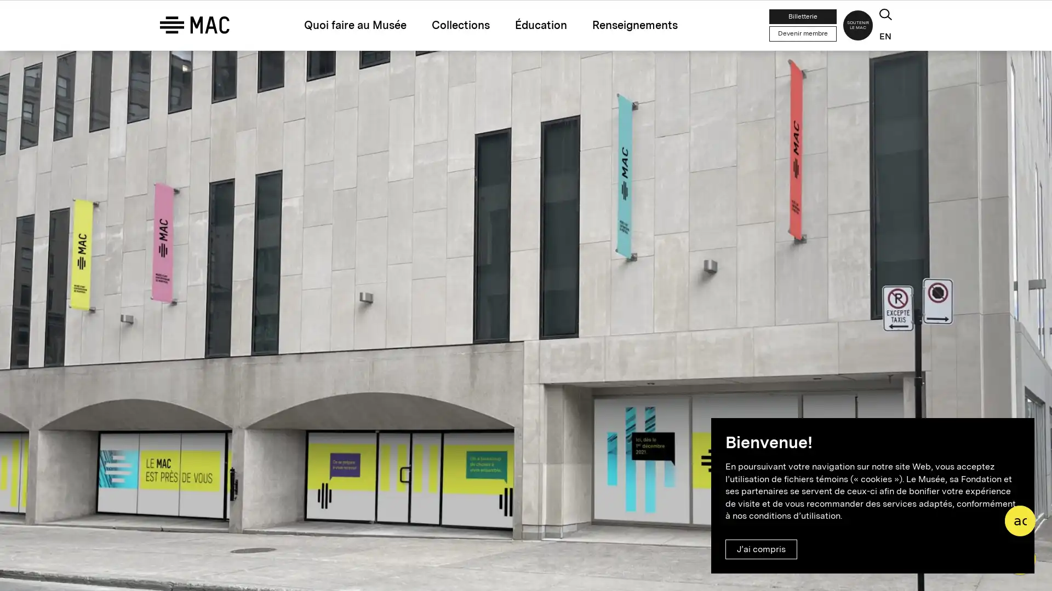  Describe the element at coordinates (761, 549) in the screenshot. I see `Jai compris` at that location.